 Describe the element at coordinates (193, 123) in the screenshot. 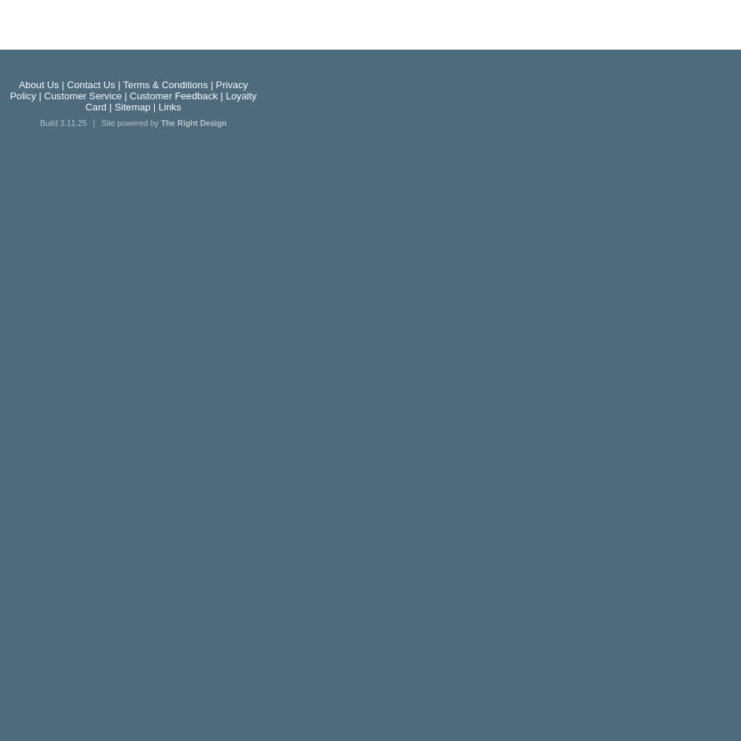

I see `'The Right Design'` at that location.